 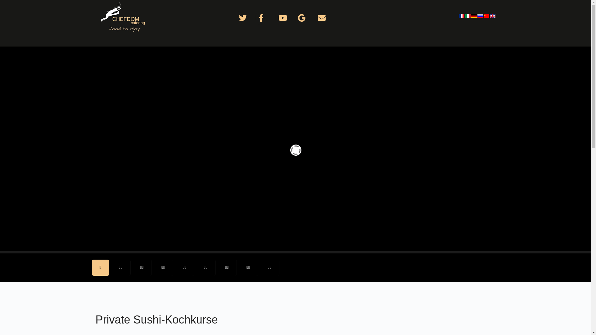 What do you see at coordinates (462, 16) in the screenshot?
I see `'Francais - Accueil'` at bounding box center [462, 16].